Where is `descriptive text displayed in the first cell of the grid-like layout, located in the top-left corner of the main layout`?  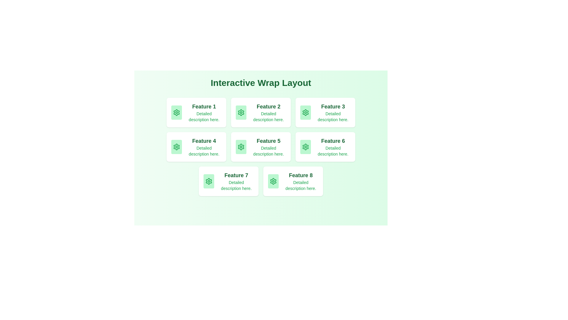 descriptive text displayed in the first cell of the grid-like layout, located in the top-left corner of the main layout is located at coordinates (204, 113).